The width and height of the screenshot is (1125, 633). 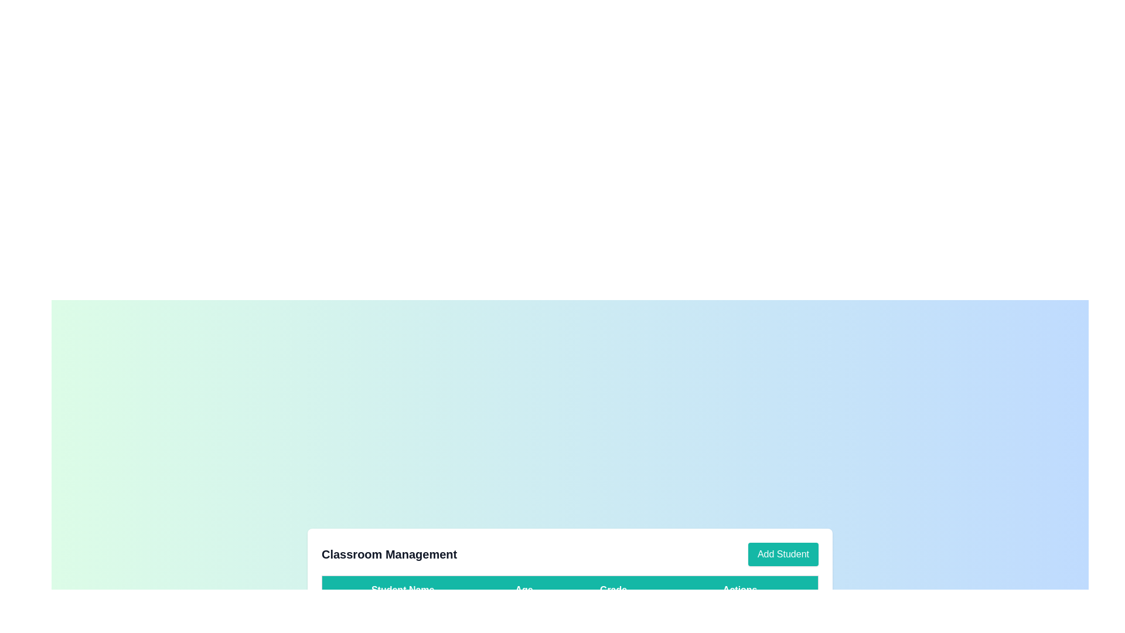 What do you see at coordinates (783, 554) in the screenshot?
I see `the 'Add New Student' button located in the 'Classroom Management' section to change its background color` at bounding box center [783, 554].